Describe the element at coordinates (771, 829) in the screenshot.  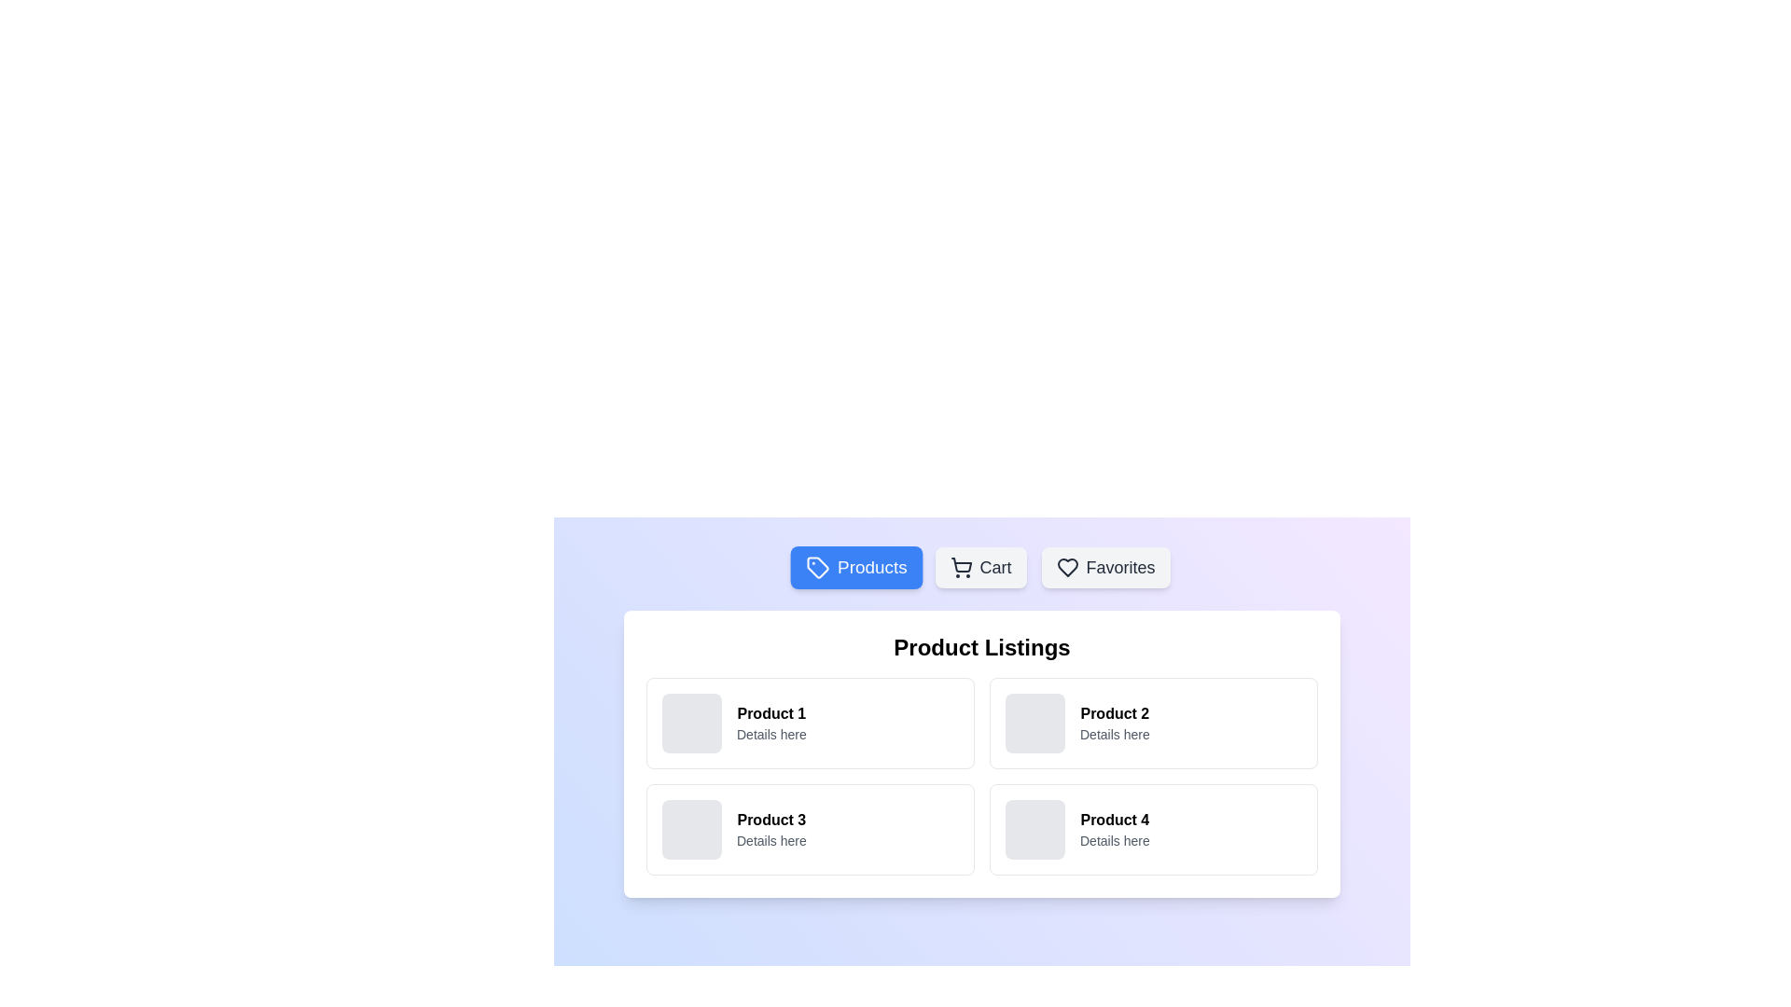
I see `the product title in the text block that provides information about a specific product, located in the bottom-left cell of a 2x2 grid layout, to the right of an image placeholder square` at that location.